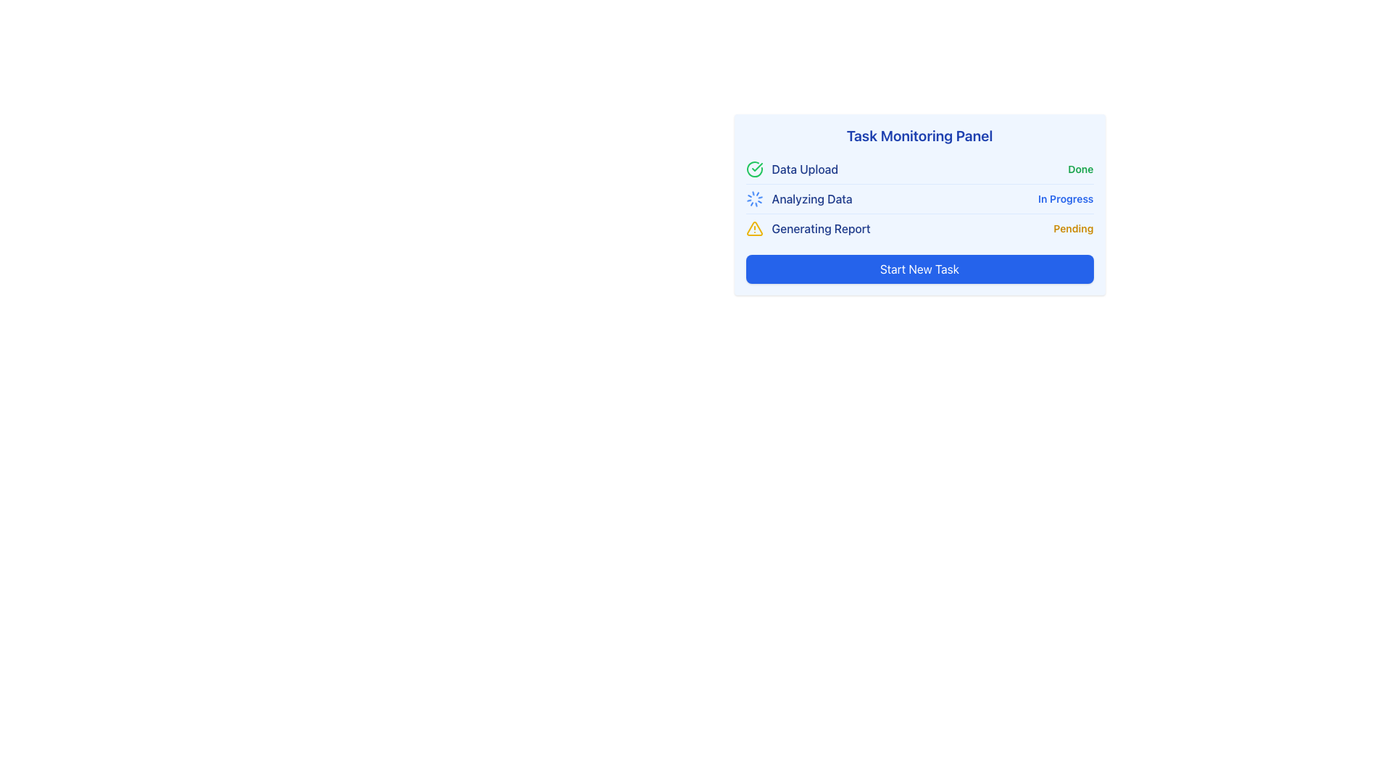 The height and width of the screenshot is (782, 1391). I want to click on the Label with green checkmark icon and text 'Data Upload' in bold blue font, located in the 'Task Monitoring Panel' as the first item in the vertical list, so click(791, 169).